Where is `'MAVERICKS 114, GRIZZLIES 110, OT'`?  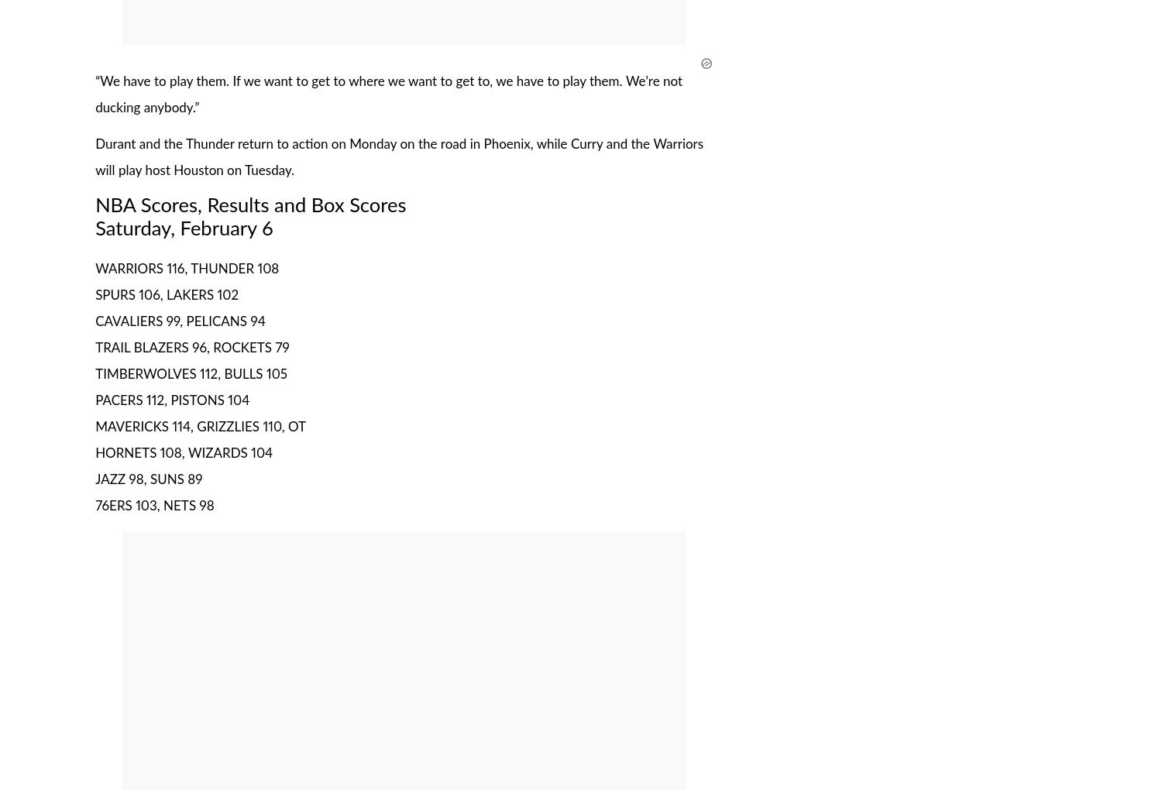 'MAVERICKS 114, GRIZZLIES 110, OT' is located at coordinates (95, 426).